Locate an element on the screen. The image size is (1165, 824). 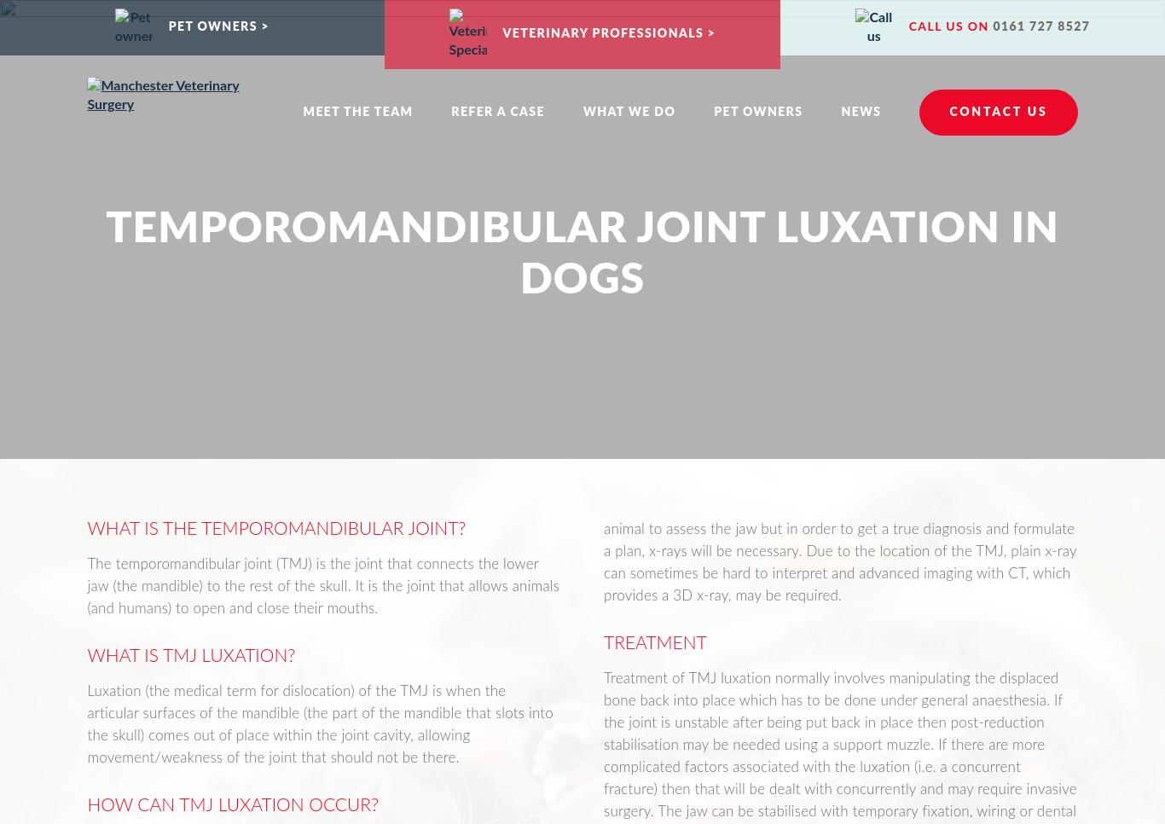
'News' is located at coordinates (840, 112).